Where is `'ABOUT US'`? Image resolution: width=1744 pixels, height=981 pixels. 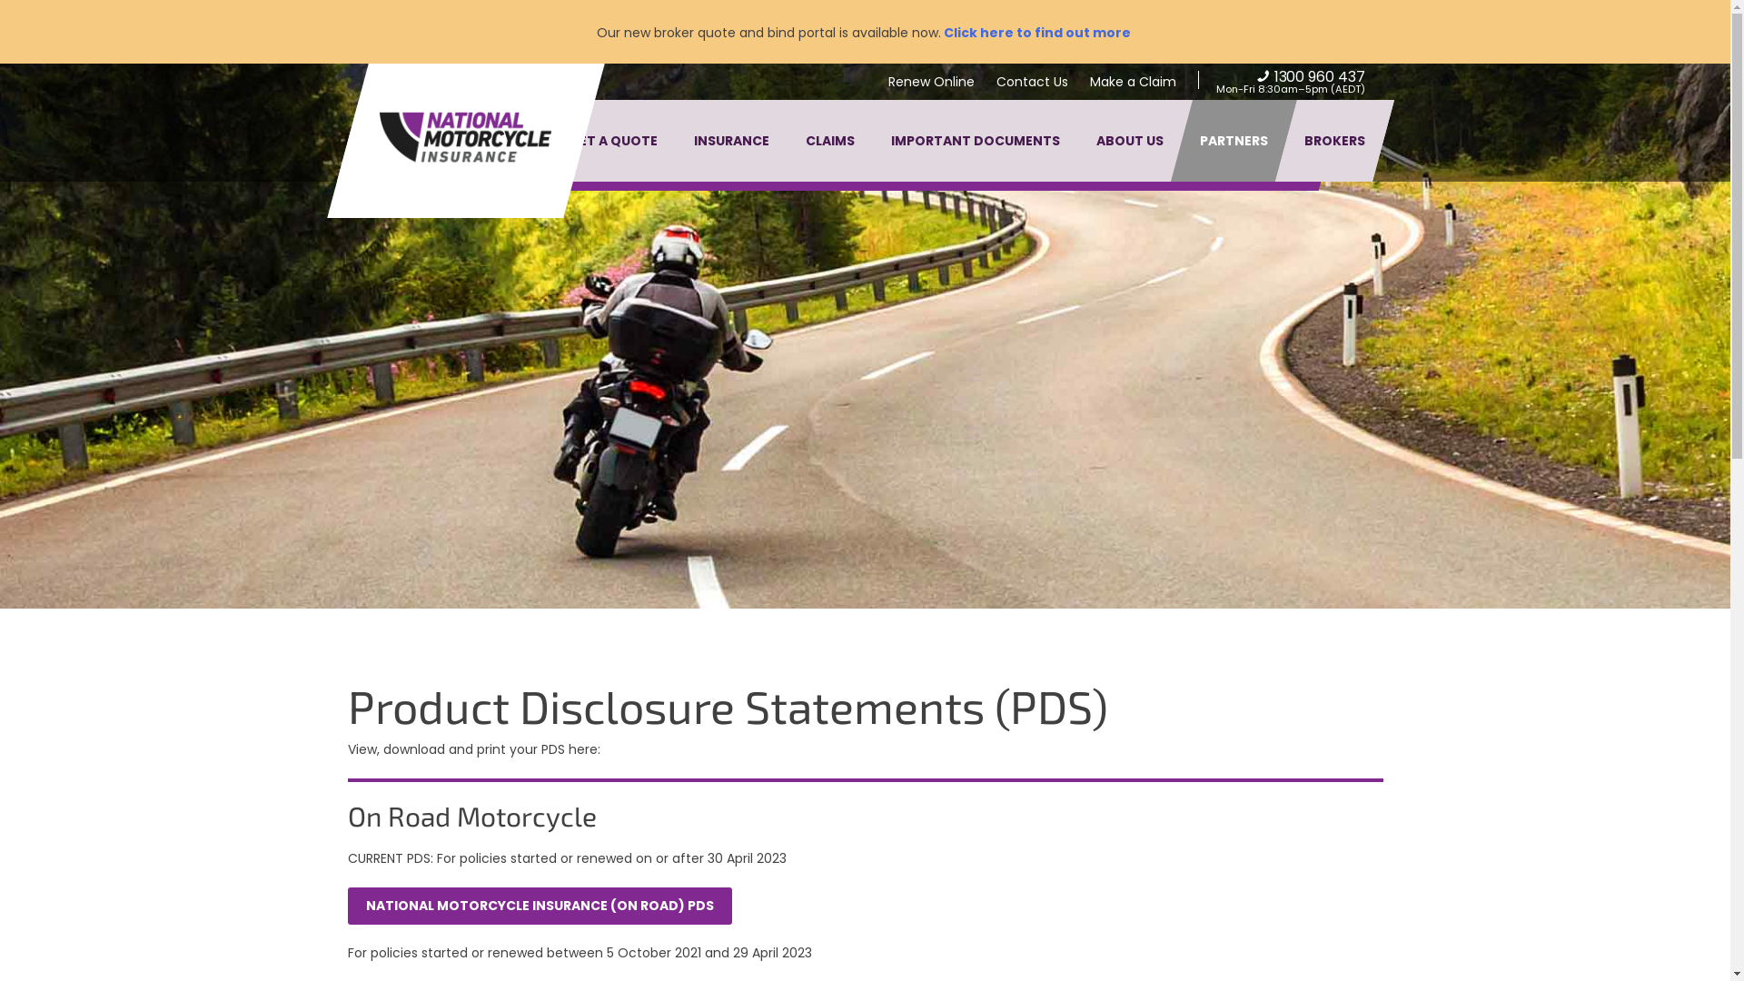 'ABOUT US' is located at coordinates (1128, 139).